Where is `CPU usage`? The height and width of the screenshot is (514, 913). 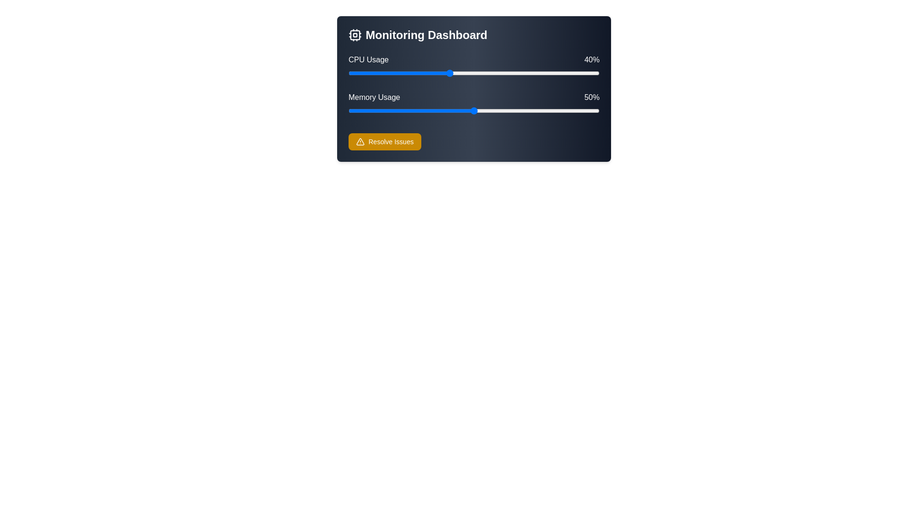
CPU usage is located at coordinates (376, 73).